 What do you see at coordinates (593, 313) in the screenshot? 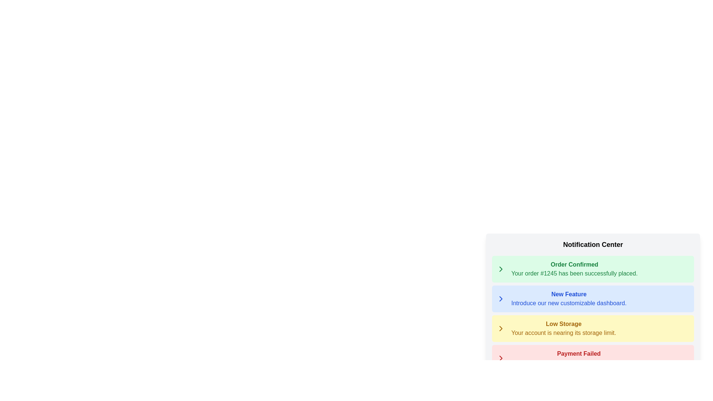
I see `the yellow informational notification box displaying 'Low Storage' with the message 'Your account is nearing its storage limit.'` at bounding box center [593, 313].